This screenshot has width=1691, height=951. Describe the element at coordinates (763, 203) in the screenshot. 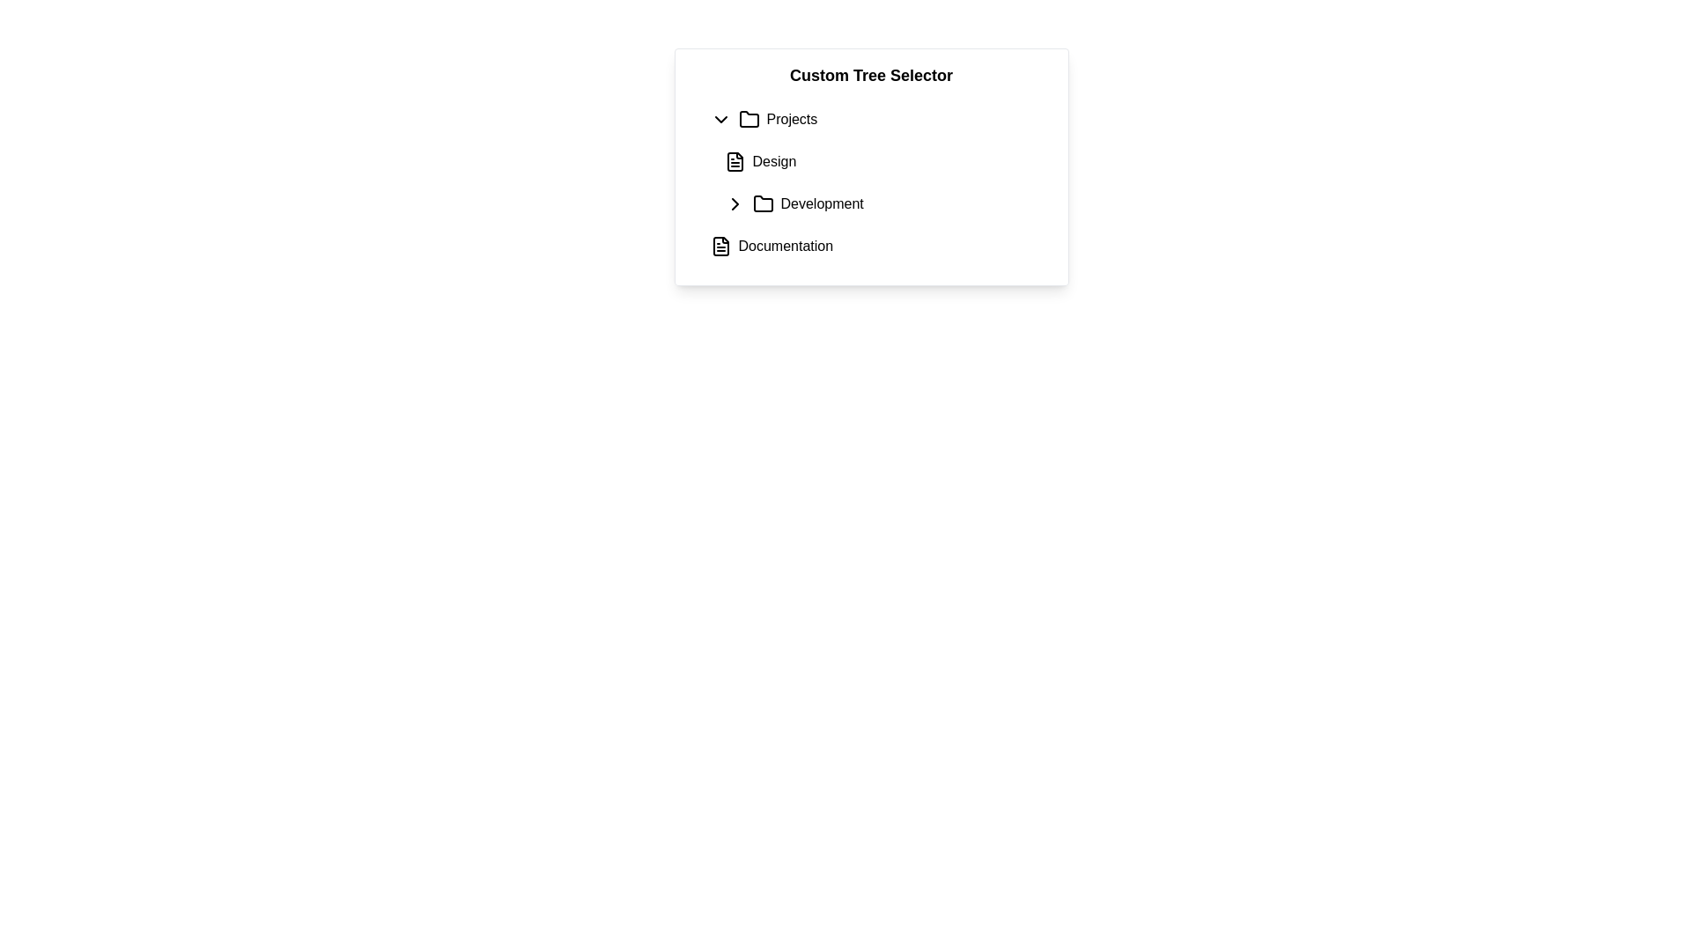

I see `the minimalist folder icon associated with the 'Development' label in the tree view structure to interact with it` at that location.